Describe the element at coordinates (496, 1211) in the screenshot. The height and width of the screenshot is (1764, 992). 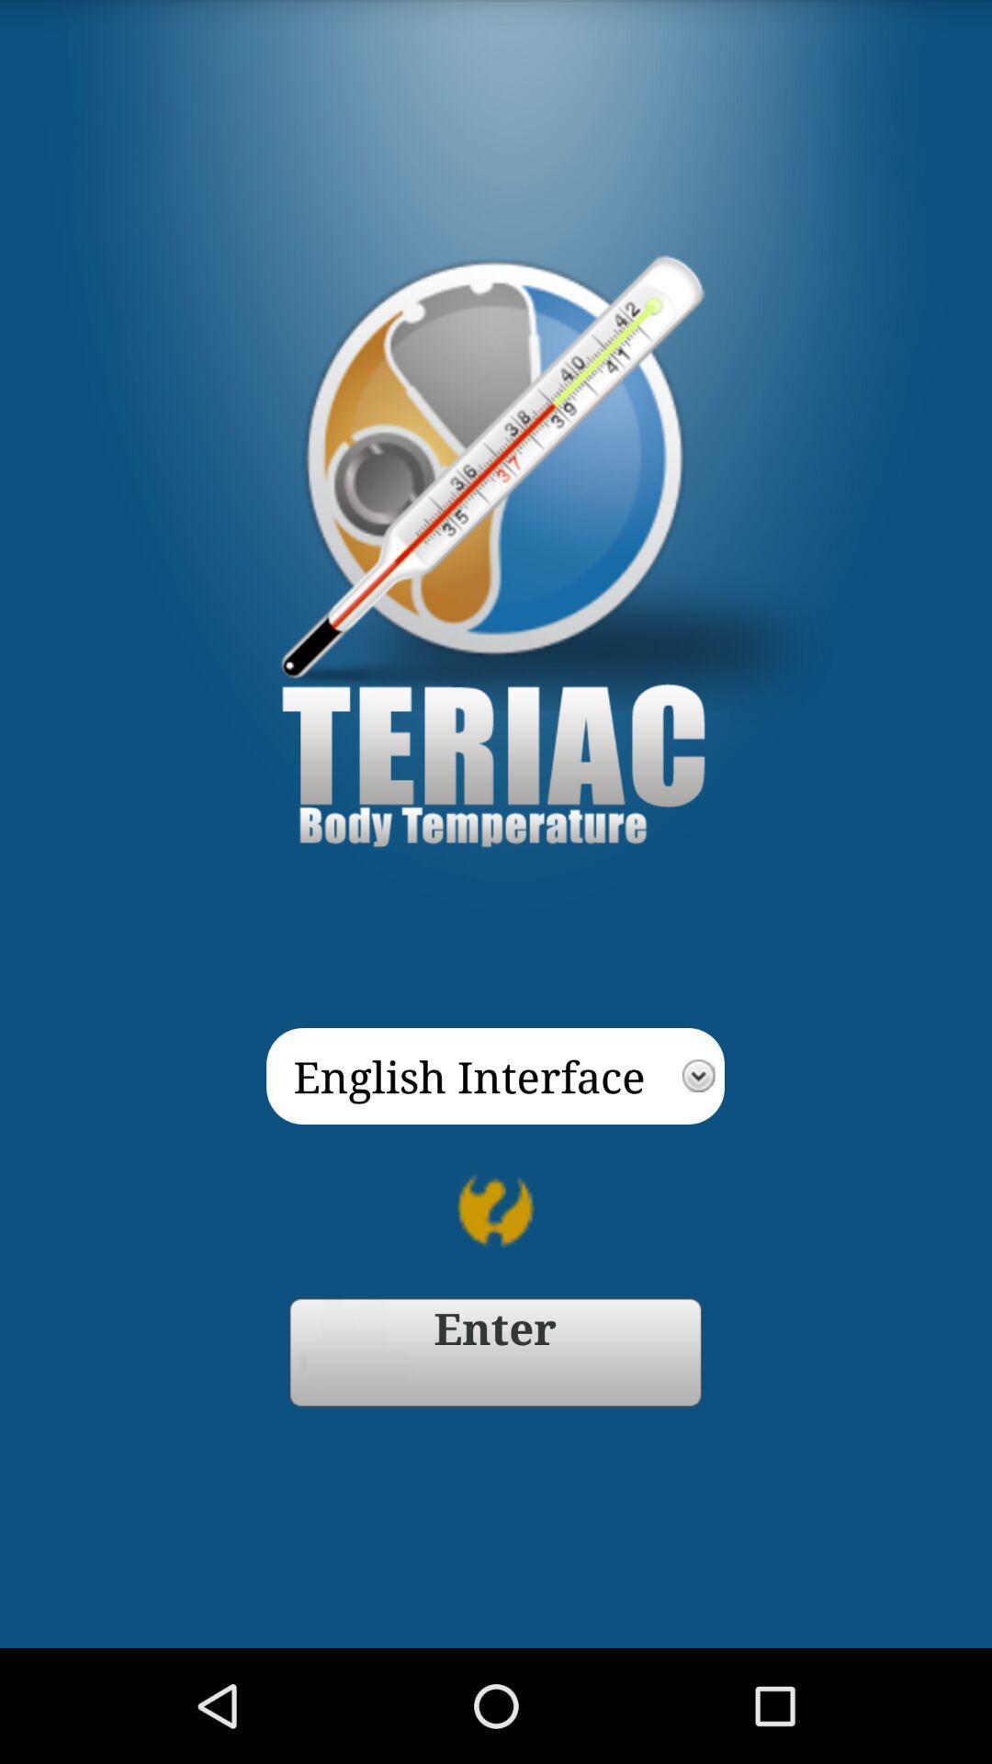
I see `open question` at that location.